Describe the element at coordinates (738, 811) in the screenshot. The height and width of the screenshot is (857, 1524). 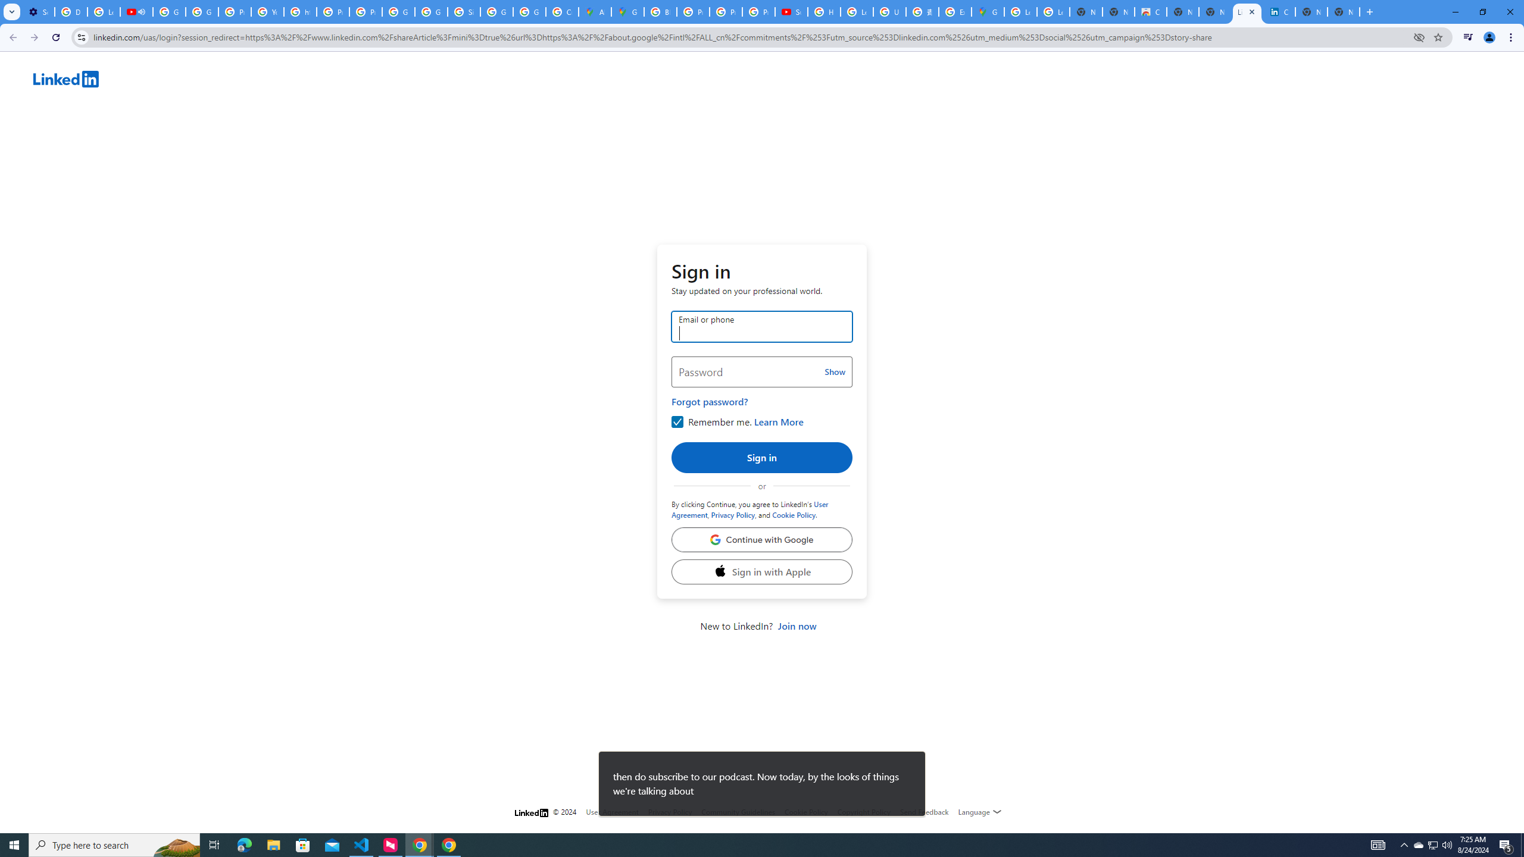
I see `'Community Guidelines'` at that location.